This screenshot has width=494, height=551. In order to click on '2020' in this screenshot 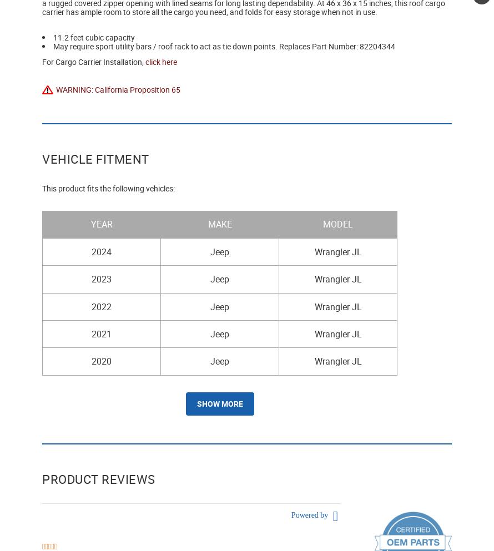, I will do `click(92, 361)`.